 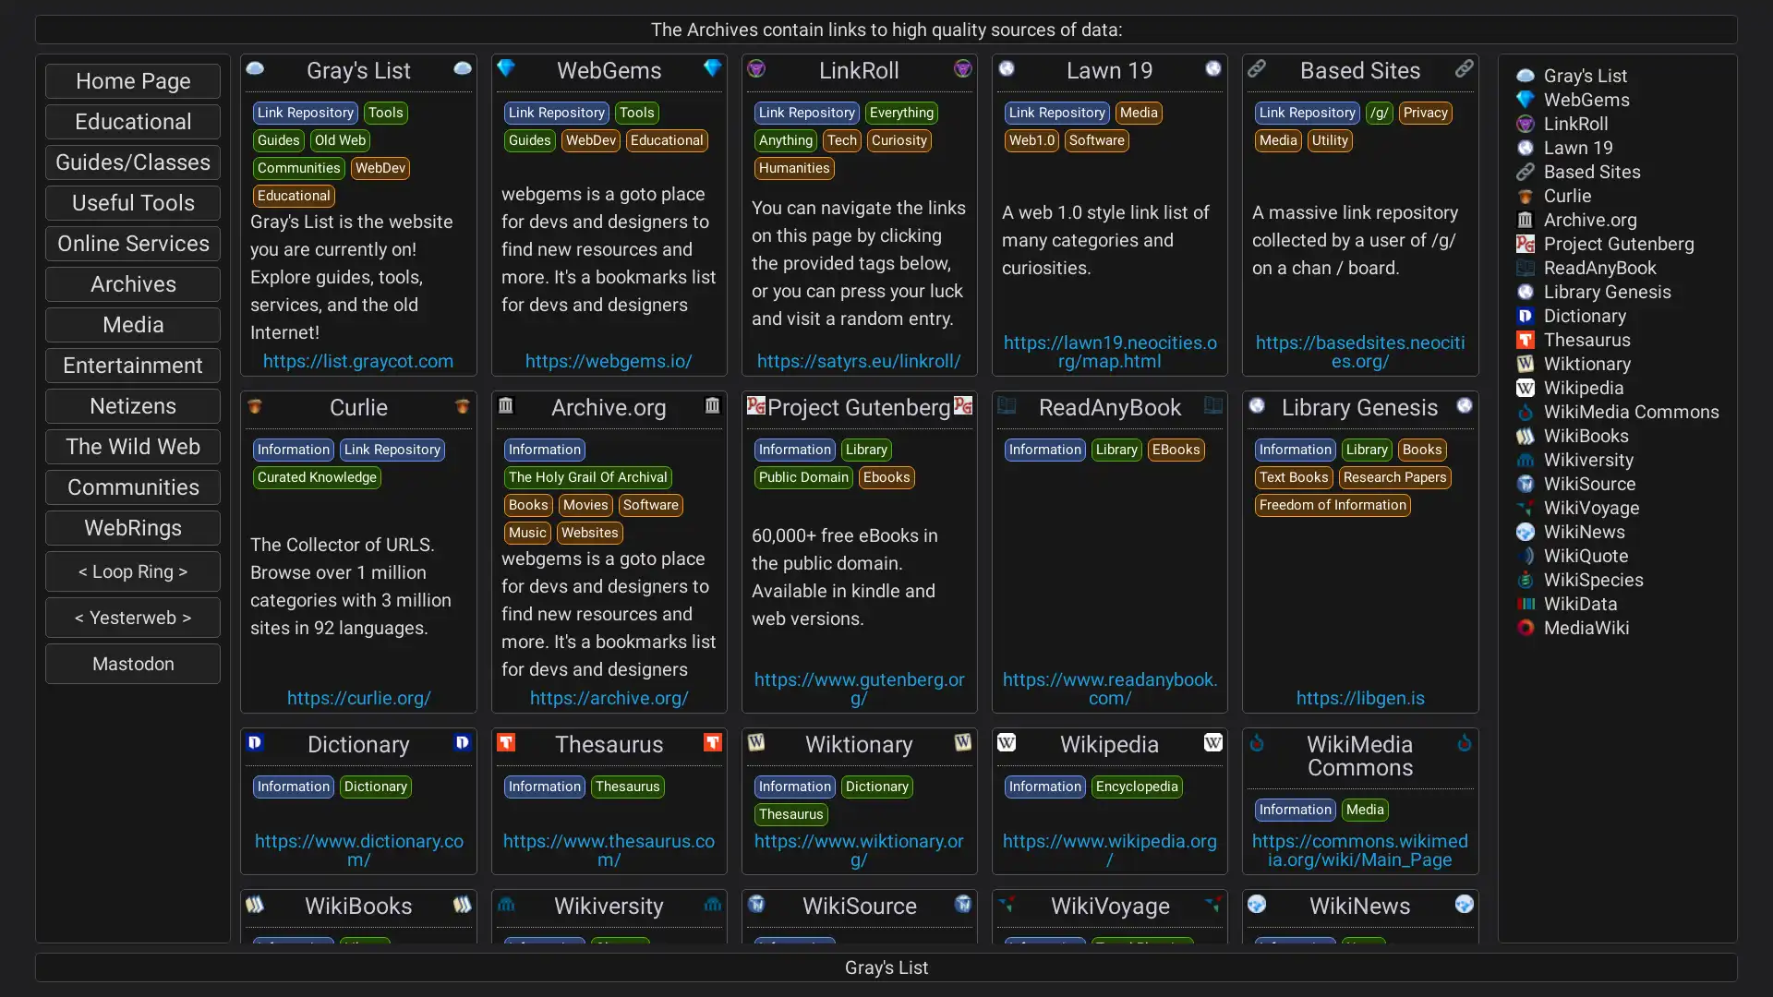 I want to click on Netizens, so click(x=132, y=404).